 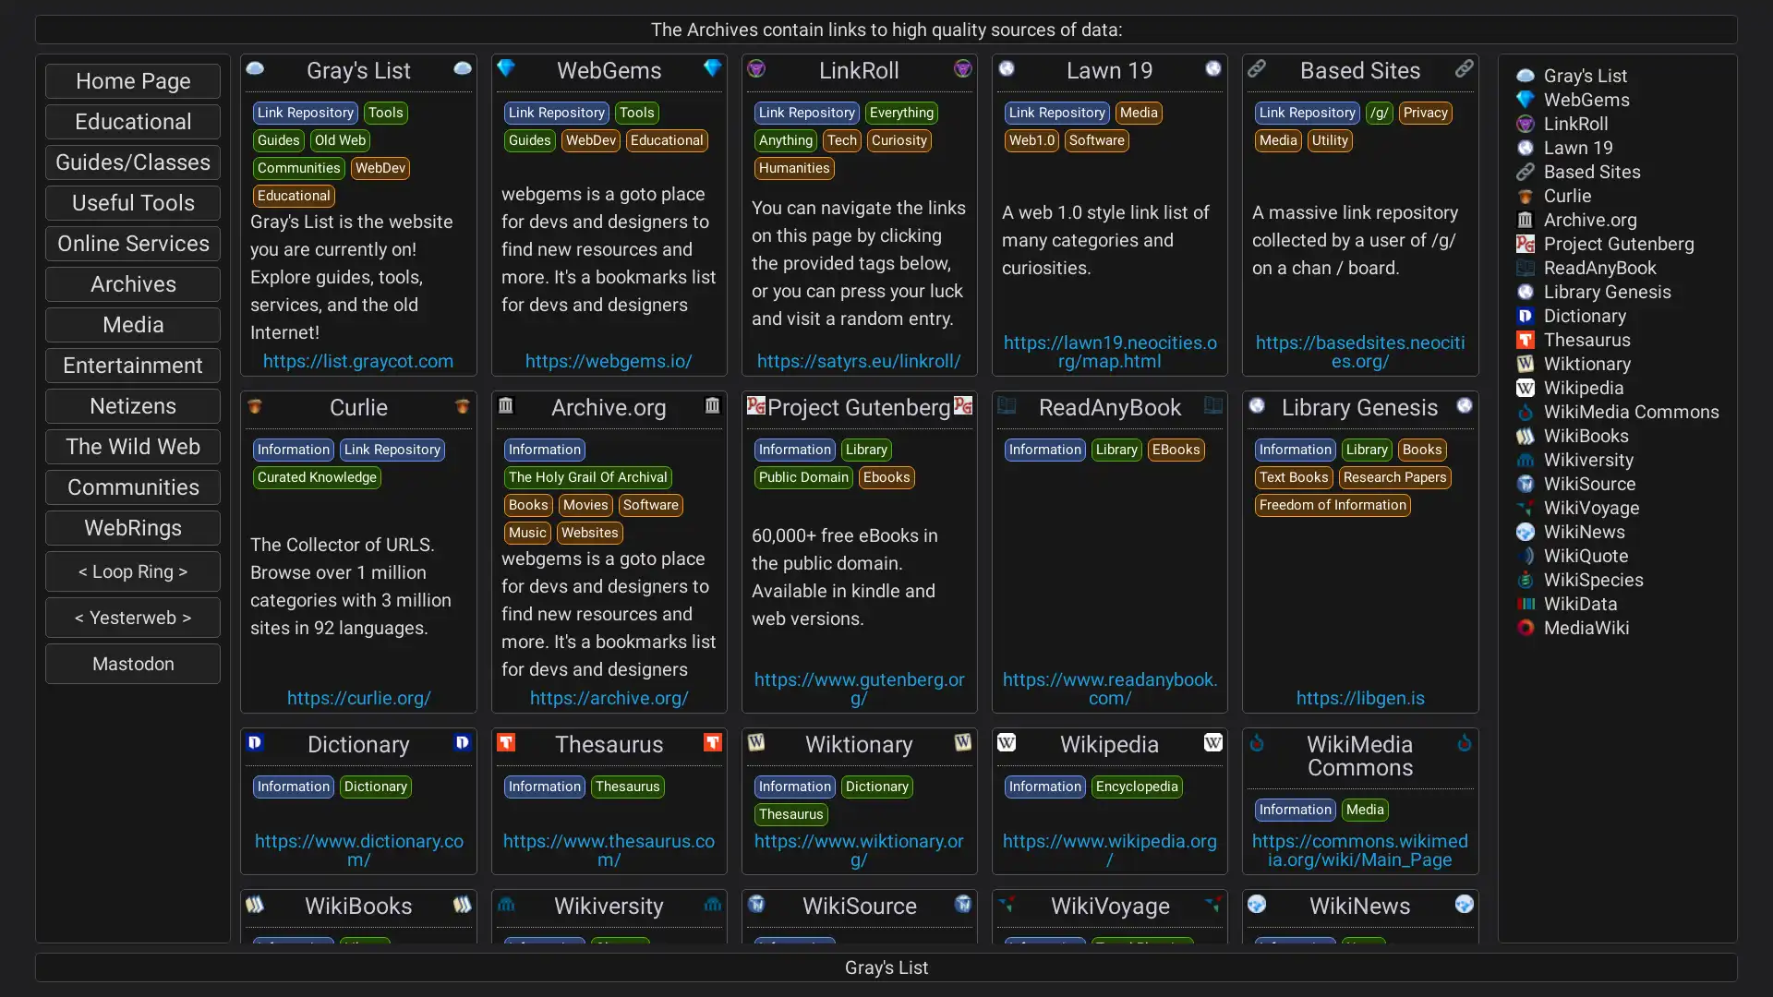 I want to click on Netizens, so click(x=132, y=404).